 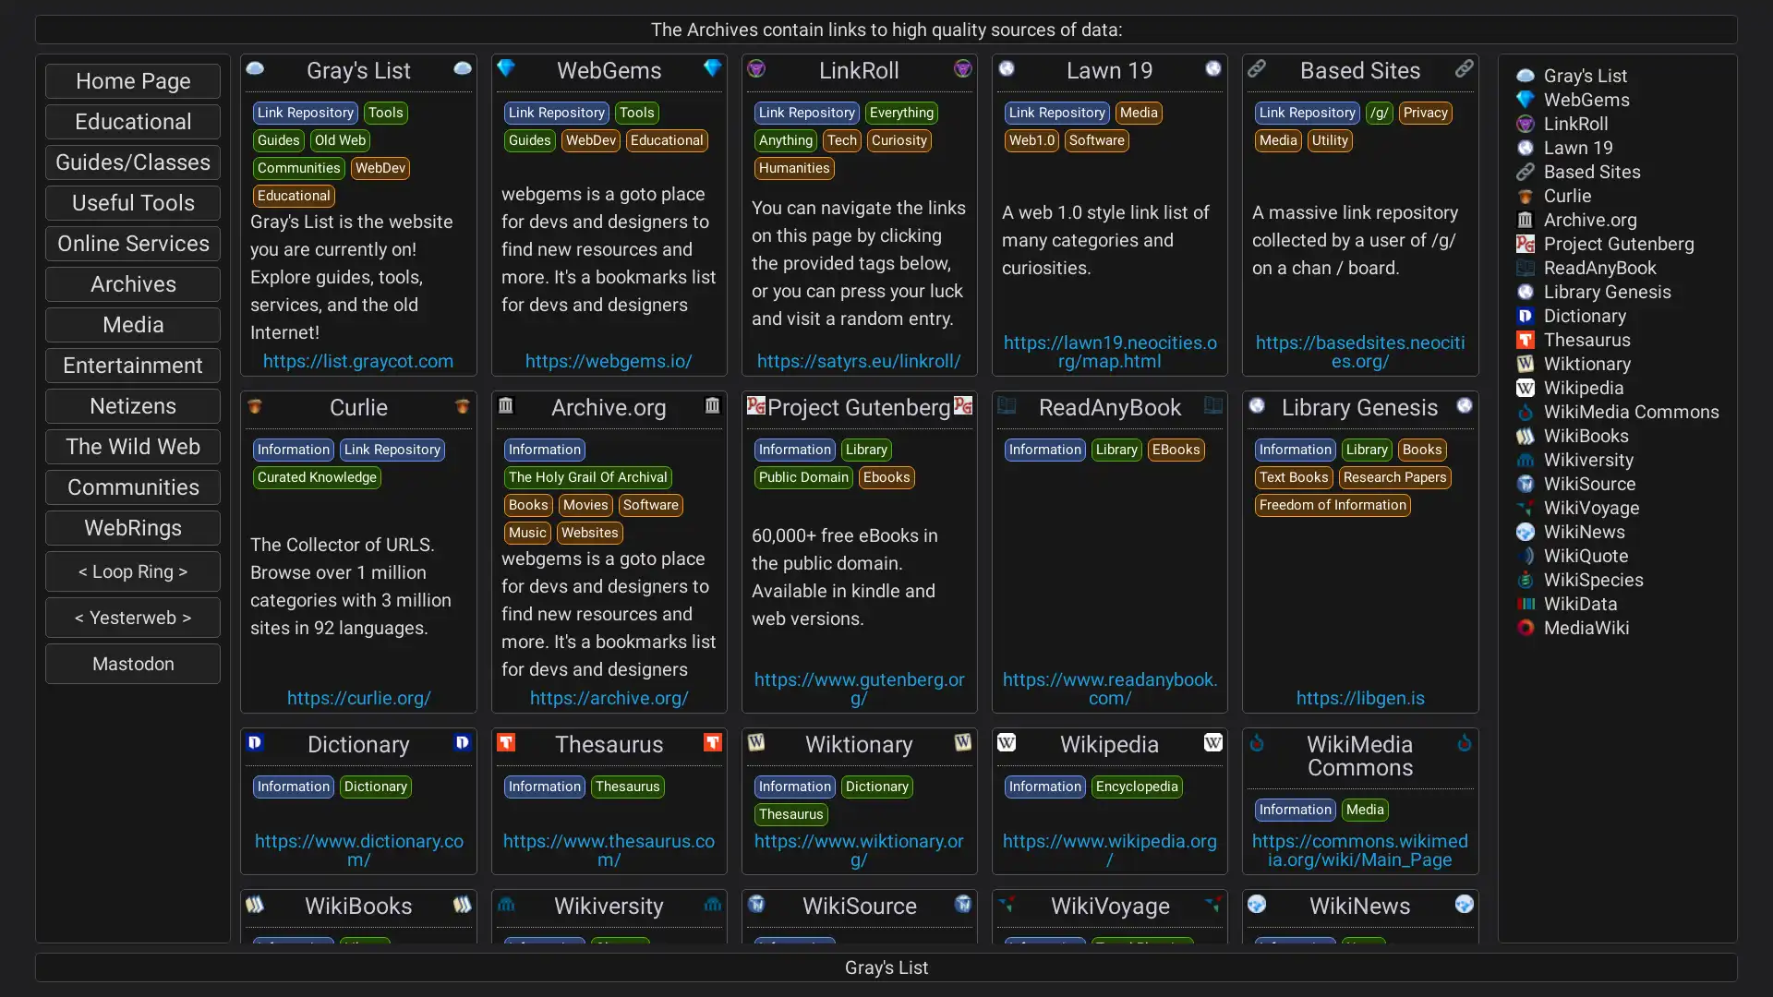 I want to click on Netizens, so click(x=132, y=404).